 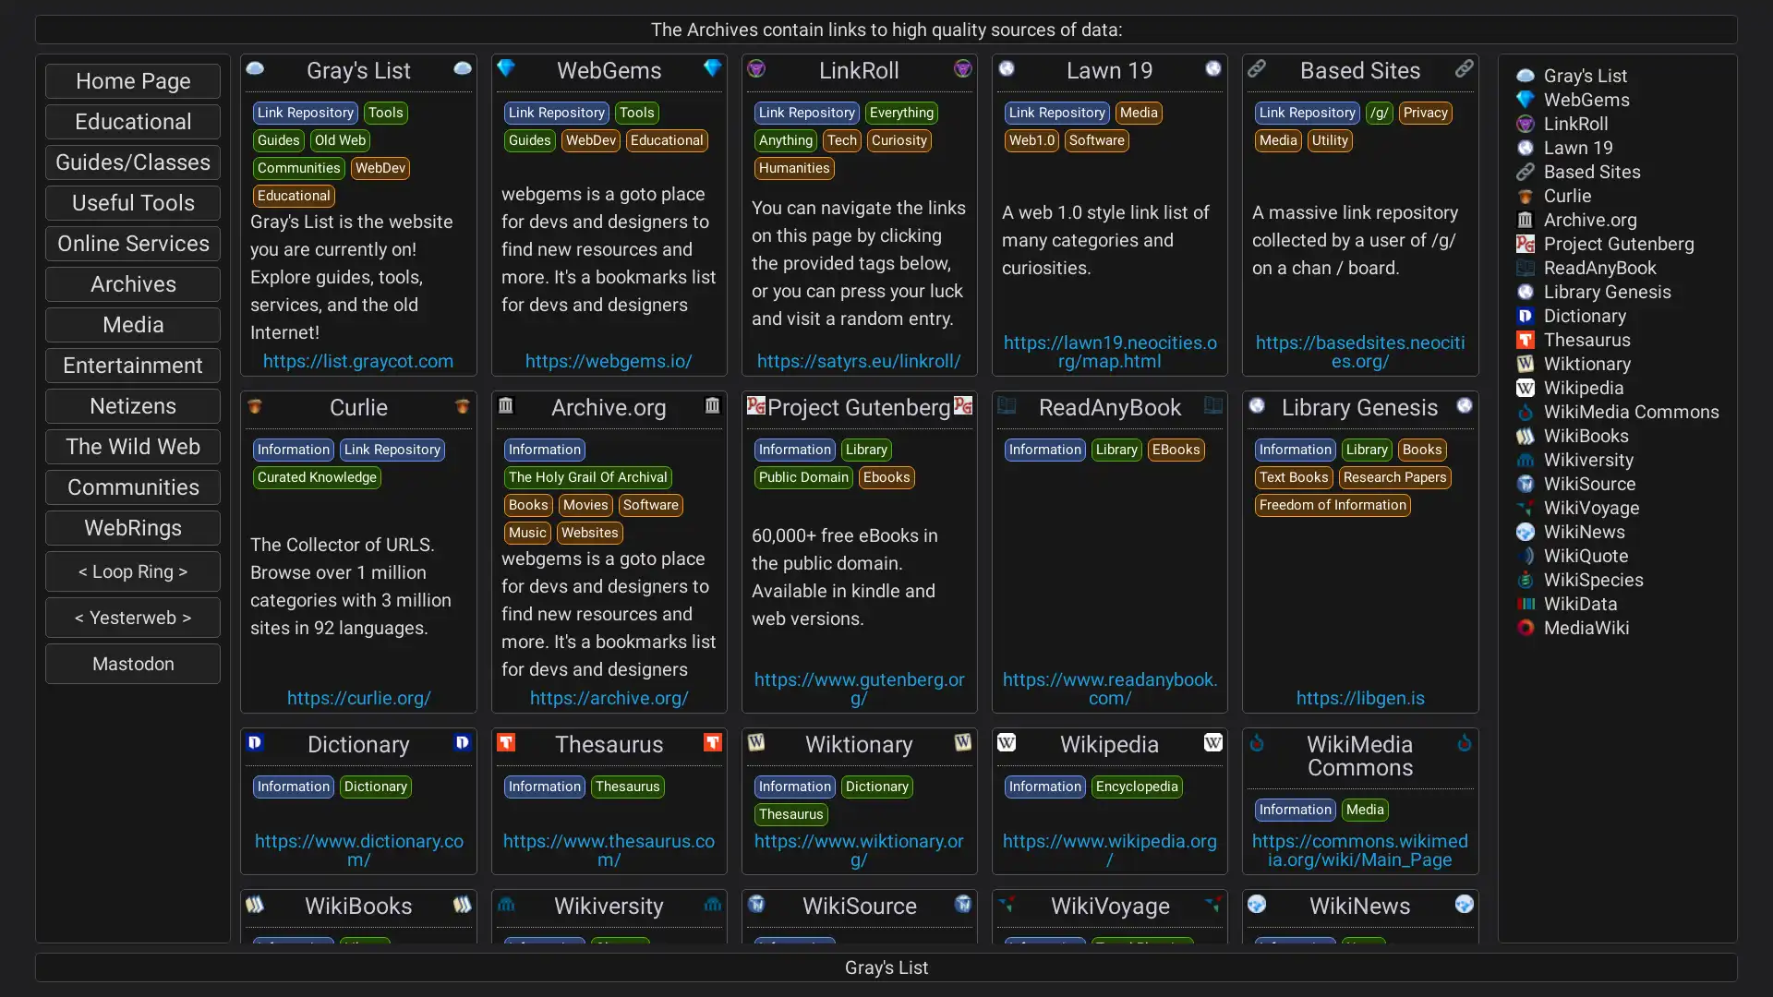 I want to click on Netizens, so click(x=132, y=404).